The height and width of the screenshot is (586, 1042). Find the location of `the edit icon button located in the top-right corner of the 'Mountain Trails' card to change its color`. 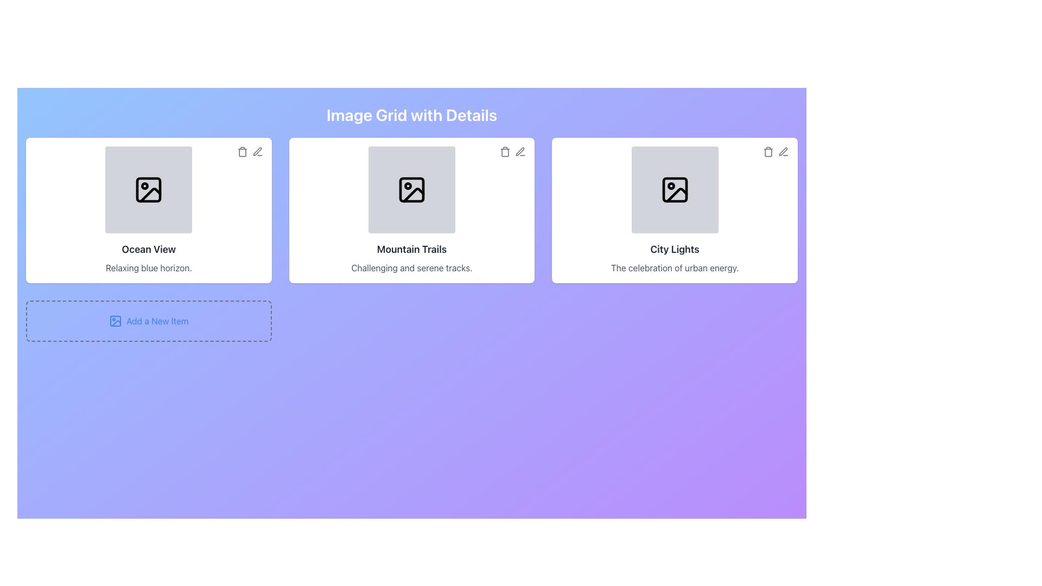

the edit icon button located in the top-right corner of the 'Mountain Trails' card to change its color is located at coordinates (520, 152).